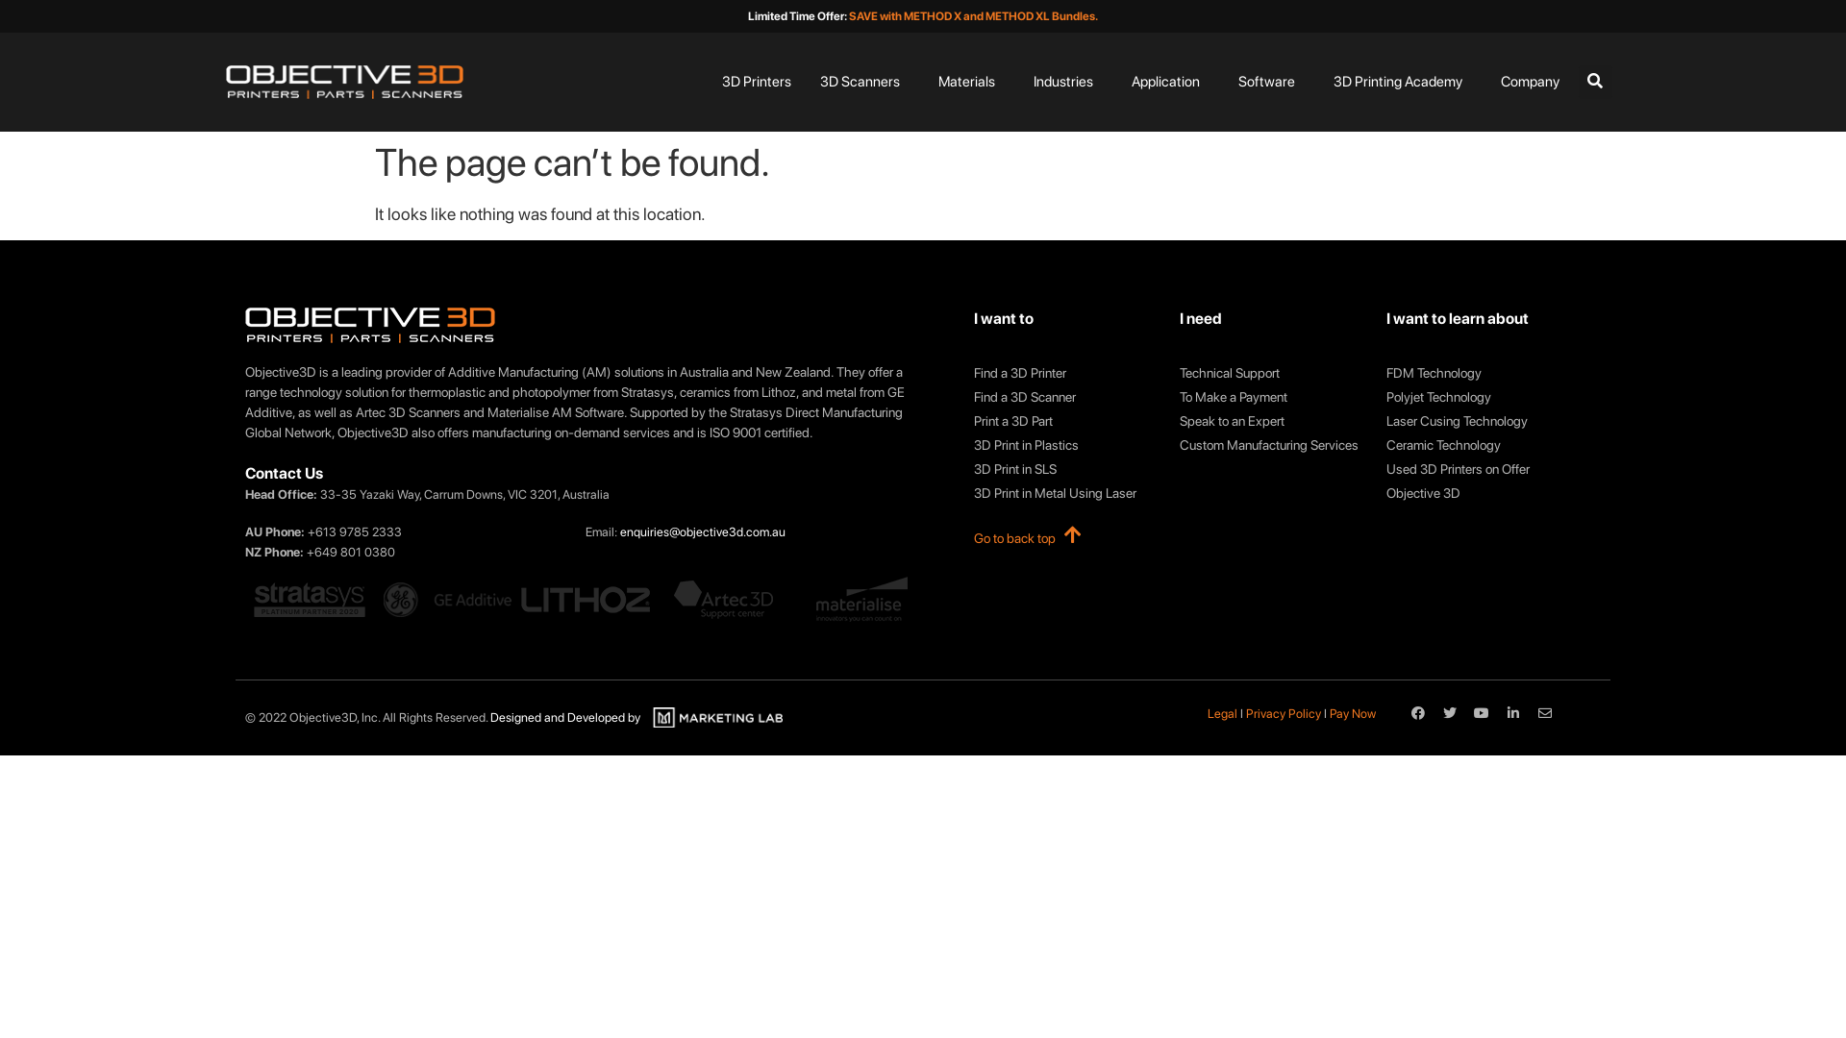  What do you see at coordinates (1385, 420) in the screenshot?
I see `'Laser Cusing Technology'` at bounding box center [1385, 420].